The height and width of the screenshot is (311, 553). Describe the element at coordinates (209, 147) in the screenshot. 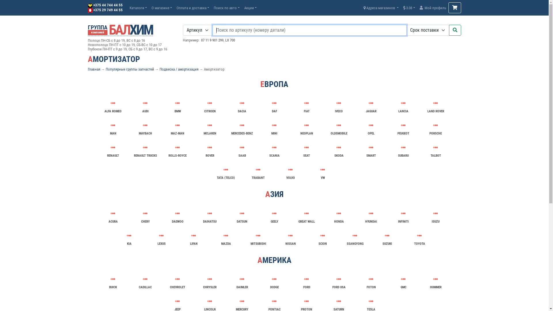

I see `'ROVER'` at that location.